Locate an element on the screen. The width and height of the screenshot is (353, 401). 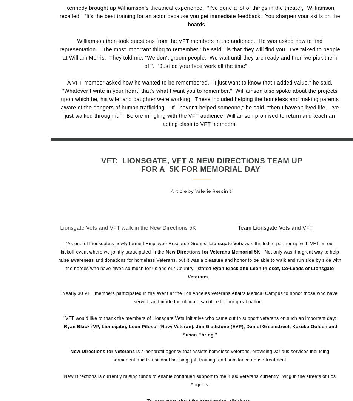
'Ryan Black (VP, Lionsgate), Leon Pilosof (Navy Veteran), Jim Gladstone (EVP), Daniel Greenstreet, Kazuko Golden and Susan Ehring."' is located at coordinates (200, 330).